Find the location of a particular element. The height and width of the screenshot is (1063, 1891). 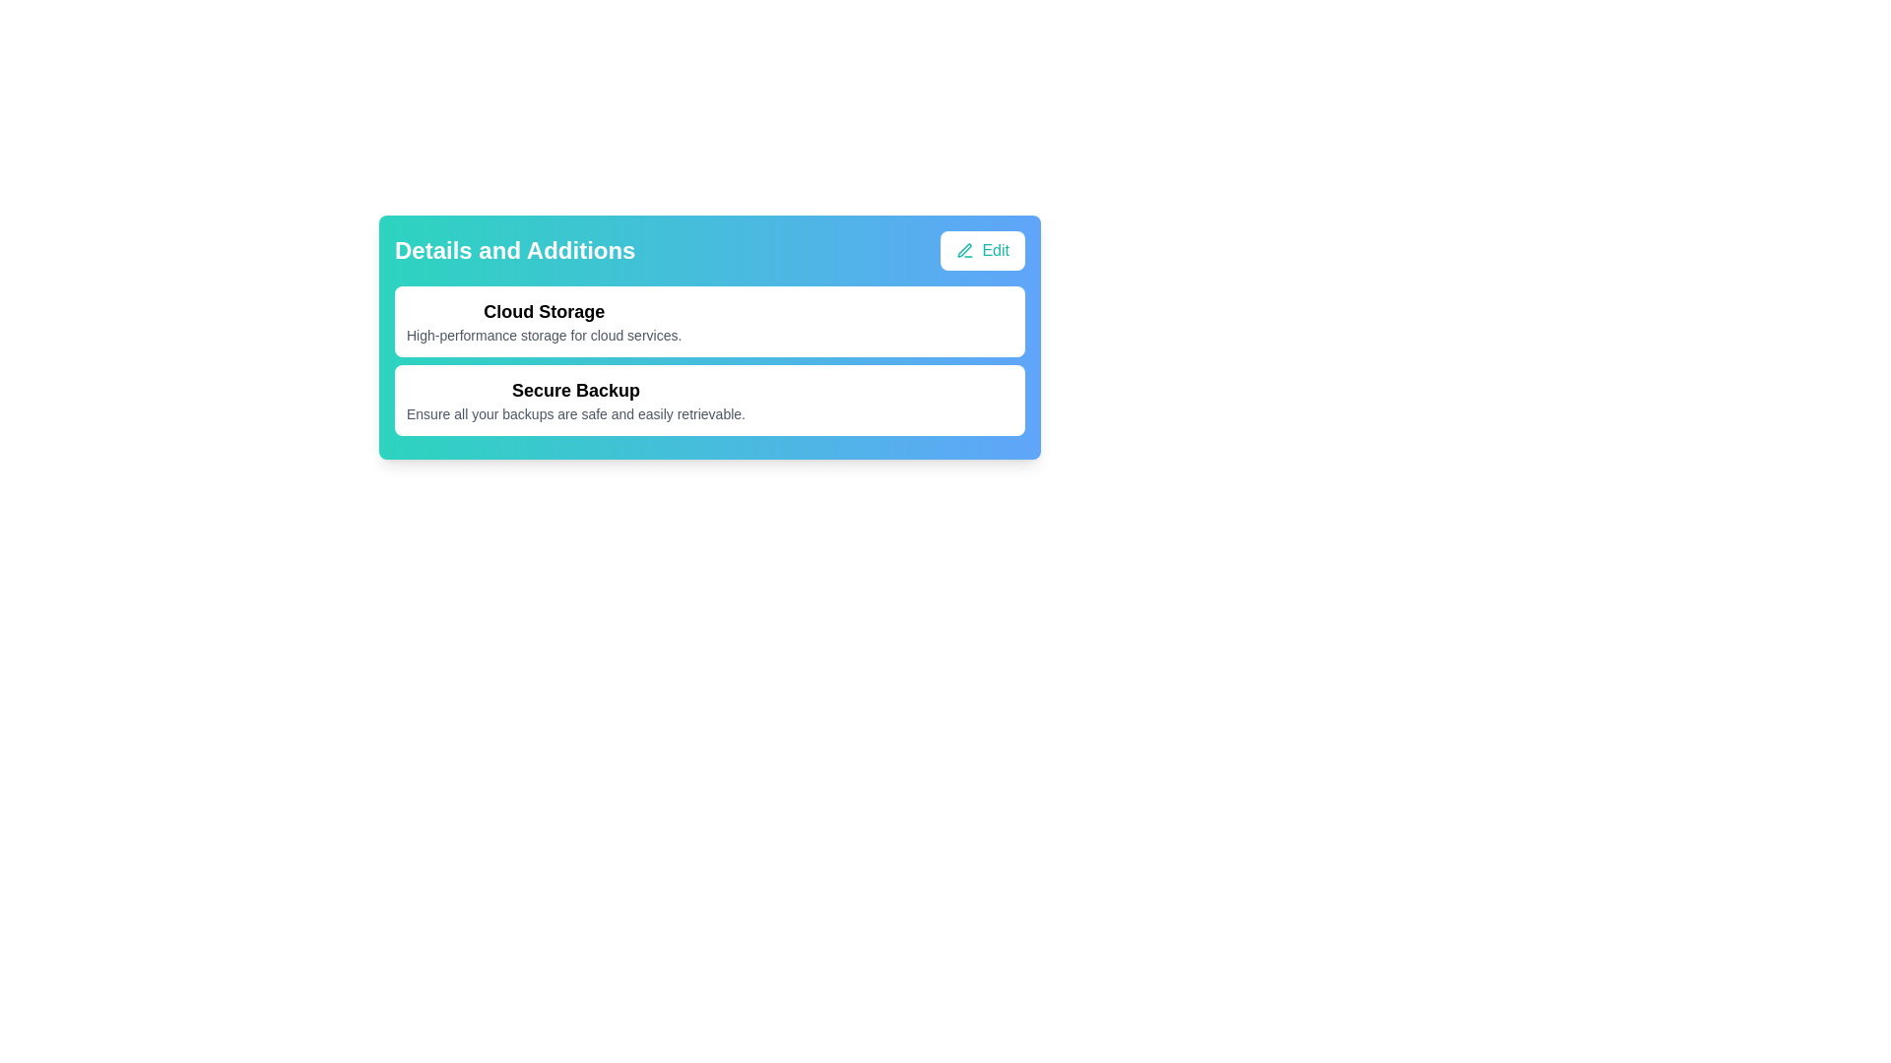

the textual content that displays the bold title 'Cloud Storage' and the description 'High-performance storage for cloud services.' is located at coordinates (544, 321).